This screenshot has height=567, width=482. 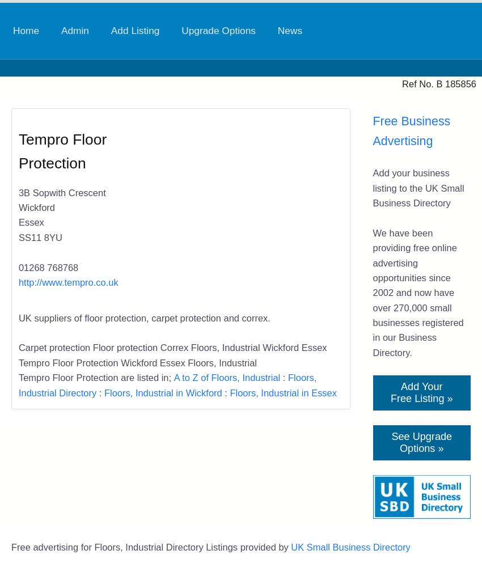 I want to click on 'Essex', so click(x=31, y=222).